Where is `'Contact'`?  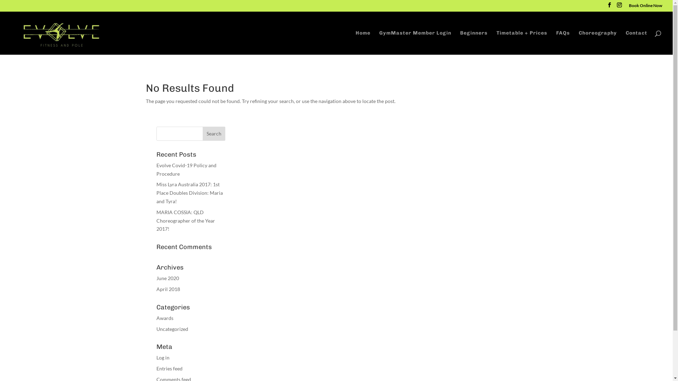
'Contact' is located at coordinates (636, 42).